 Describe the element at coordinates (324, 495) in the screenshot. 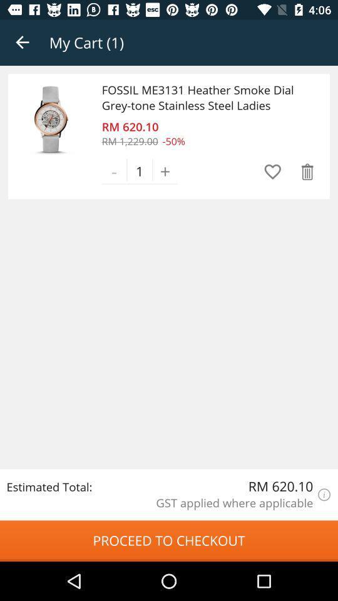

I see `the info icon` at that location.